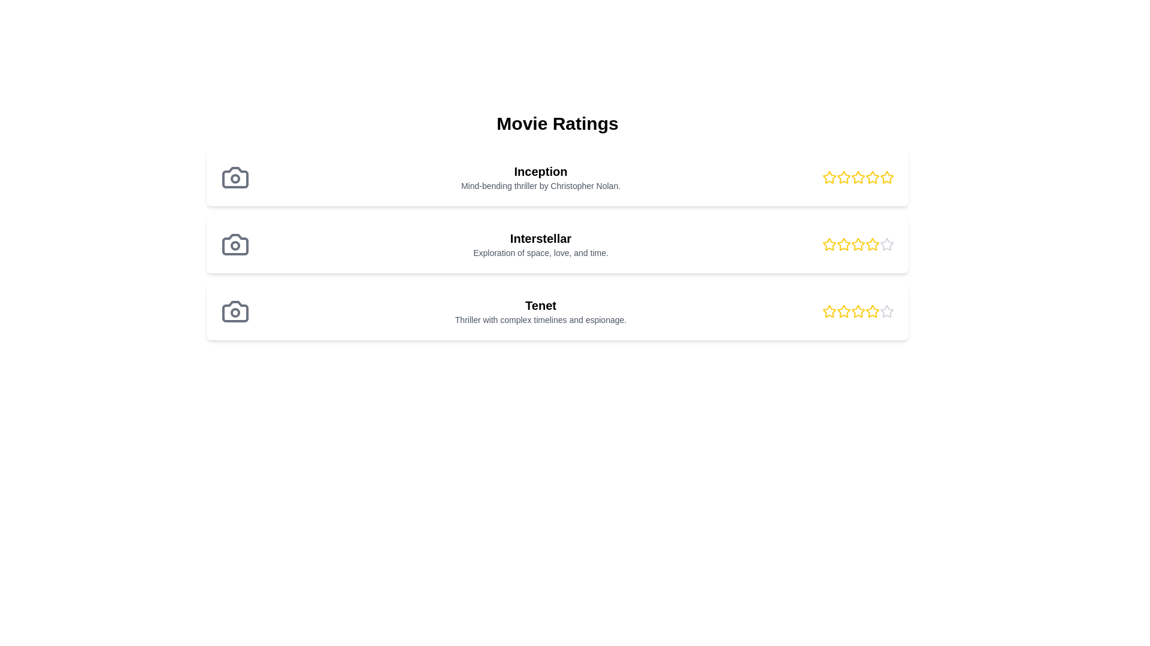  Describe the element at coordinates (887, 177) in the screenshot. I see `the fifth star icon in the 5-star rating system for the movie 'Inception'` at that location.